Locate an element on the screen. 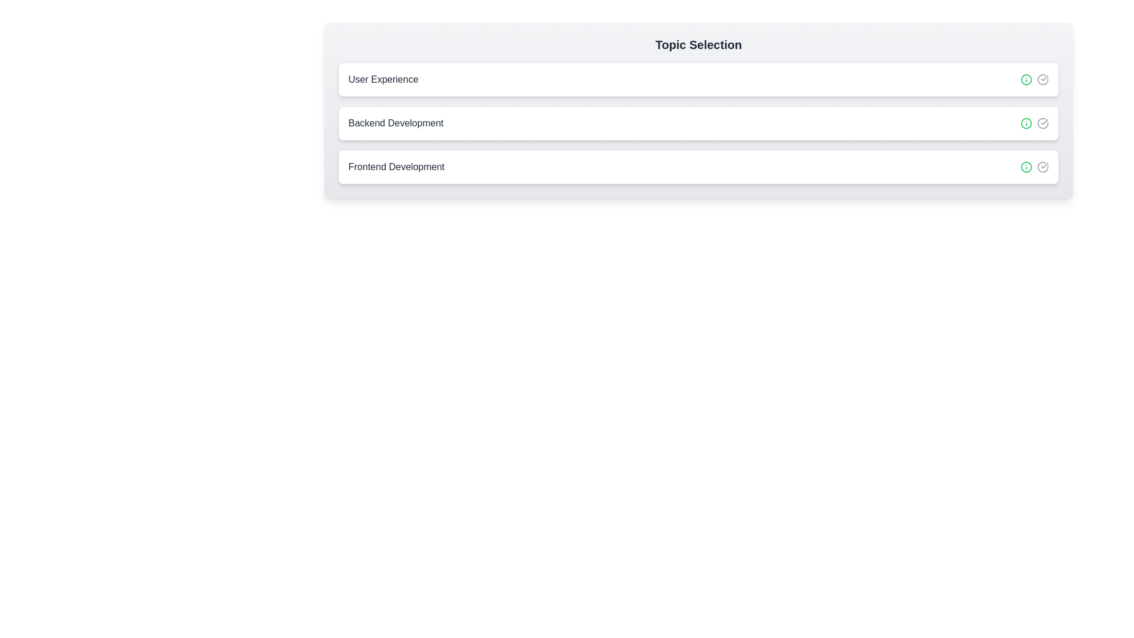  the information icon of the chip labeled 'User Experience' is located at coordinates (1025, 80).